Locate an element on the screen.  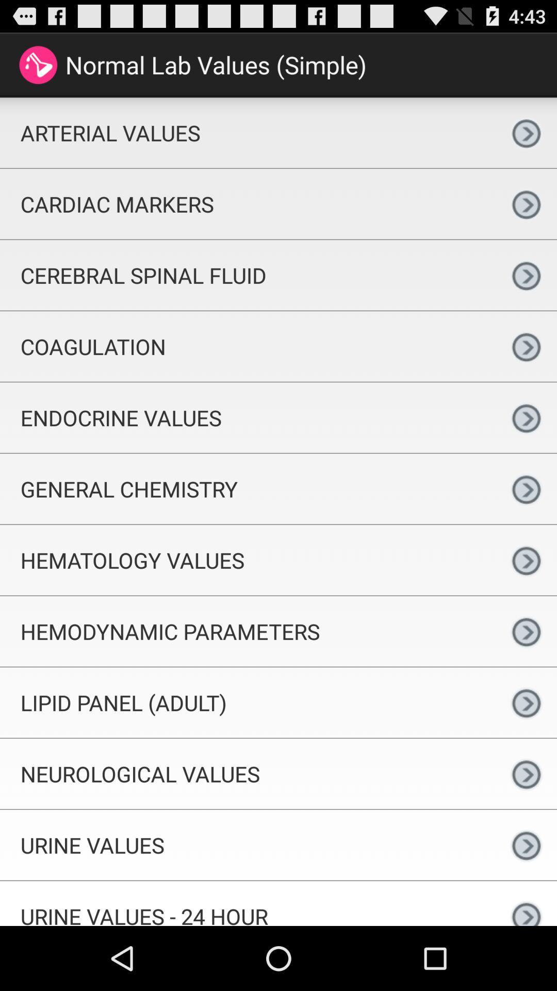
endocrine values is located at coordinates (248, 418).